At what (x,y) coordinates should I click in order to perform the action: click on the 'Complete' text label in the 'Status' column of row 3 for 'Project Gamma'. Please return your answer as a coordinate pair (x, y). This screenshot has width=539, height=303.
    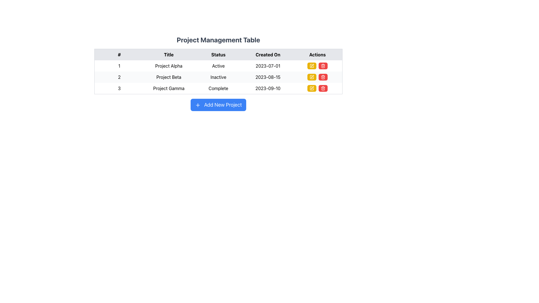
    Looking at the image, I should click on (218, 88).